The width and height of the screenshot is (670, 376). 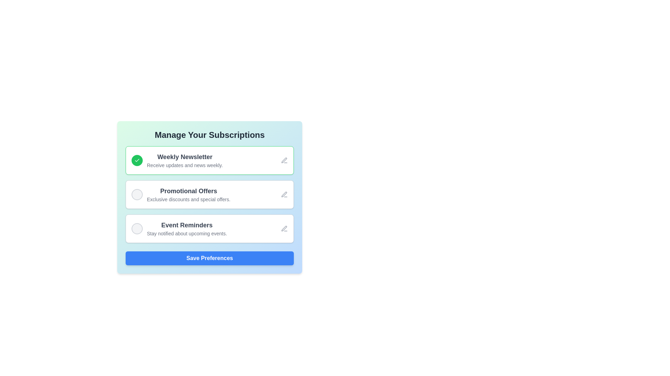 What do you see at coordinates (179, 228) in the screenshot?
I see `on the composite component labeled 'Event Reminders' which contains a title, description, selection indicator, and an edit icon` at bounding box center [179, 228].